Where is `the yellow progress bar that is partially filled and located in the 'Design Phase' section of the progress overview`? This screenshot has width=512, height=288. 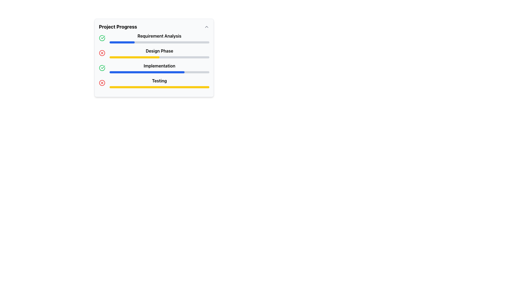 the yellow progress bar that is partially filled and located in the 'Design Phase' section of the progress overview is located at coordinates (134, 57).